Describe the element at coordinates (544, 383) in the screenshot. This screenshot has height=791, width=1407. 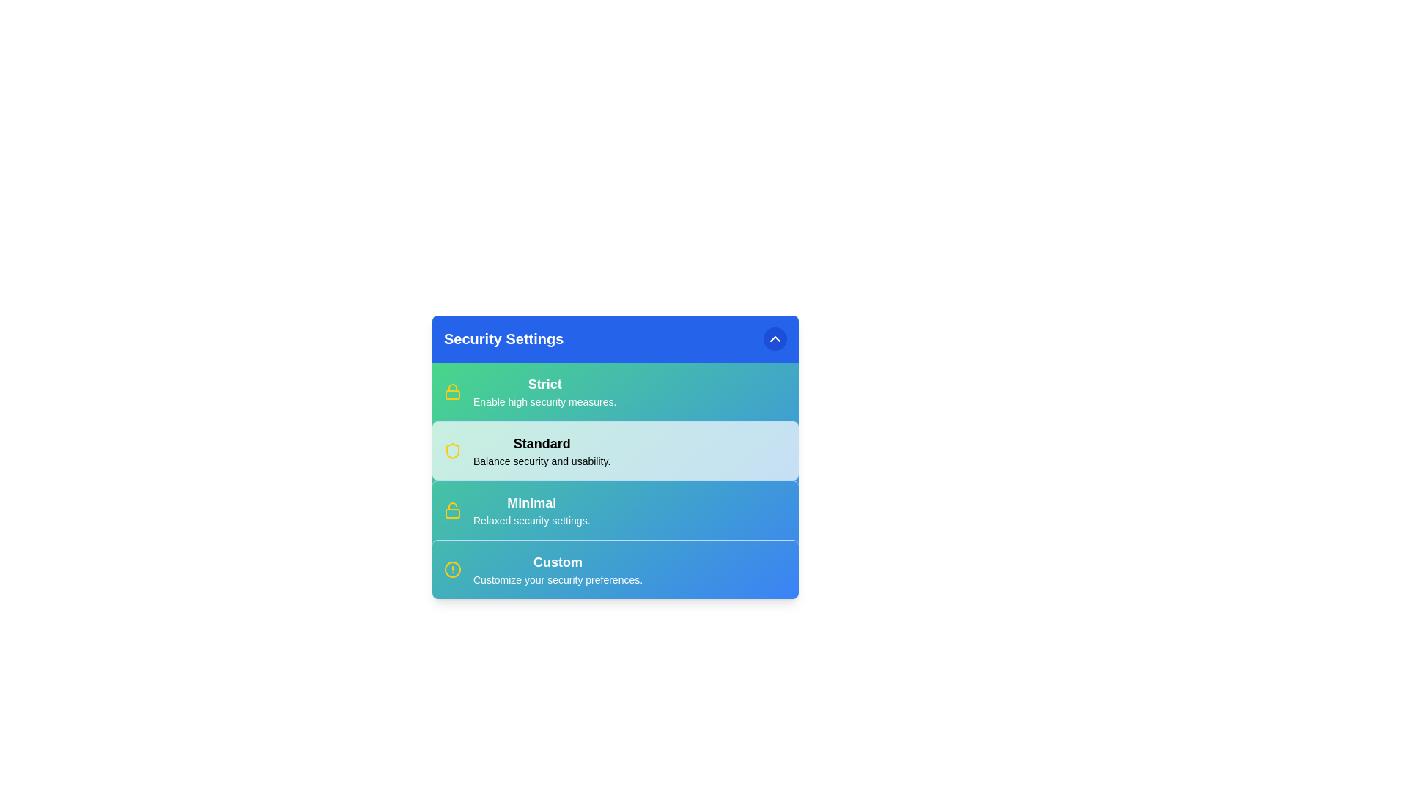
I see `the security option Strict to read its description` at that location.